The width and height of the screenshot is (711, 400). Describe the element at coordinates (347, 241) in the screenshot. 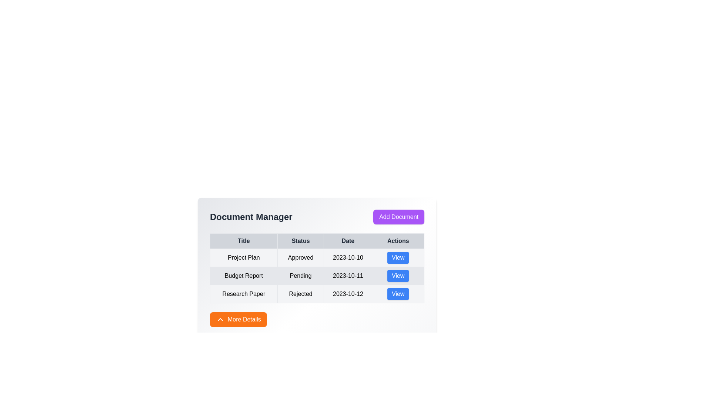

I see `the 'Date' table header cell, which is the third header in the row, positioned between 'Status' and 'Actions'` at that location.